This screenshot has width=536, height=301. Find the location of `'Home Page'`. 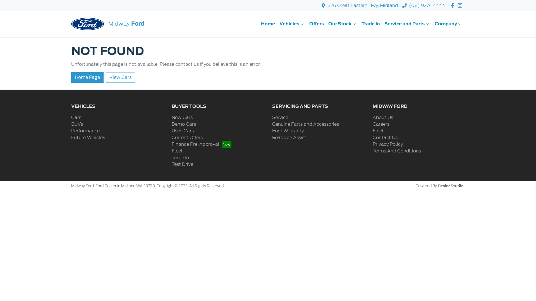

'Home Page' is located at coordinates (71, 77).